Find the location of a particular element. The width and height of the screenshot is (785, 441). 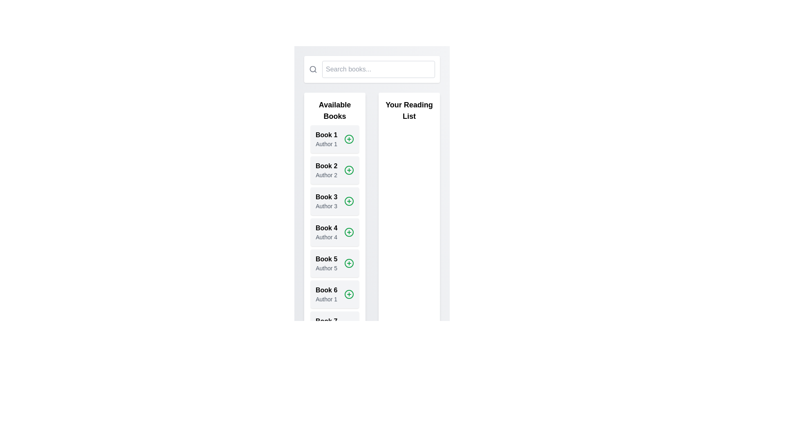

the fifth book title in the 'Available Books' section, which is located directly above 'Author 5' and next to a green '+' button is located at coordinates (326, 259).